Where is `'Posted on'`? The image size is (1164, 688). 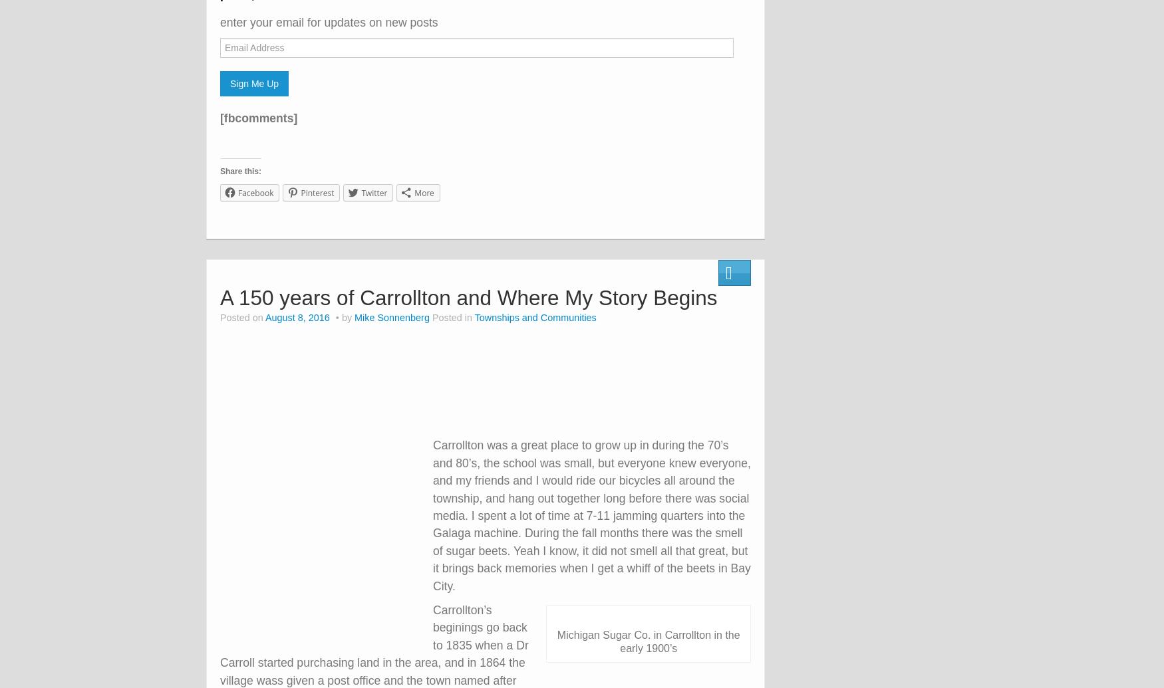
'Posted on' is located at coordinates (243, 317).